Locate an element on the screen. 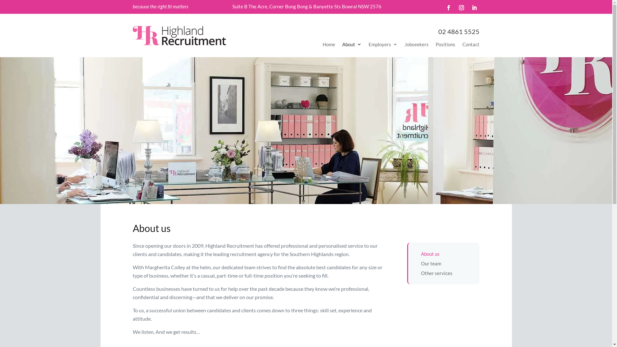 The width and height of the screenshot is (617, 347). 'Follow on LinkedIn' is located at coordinates (469, 7).